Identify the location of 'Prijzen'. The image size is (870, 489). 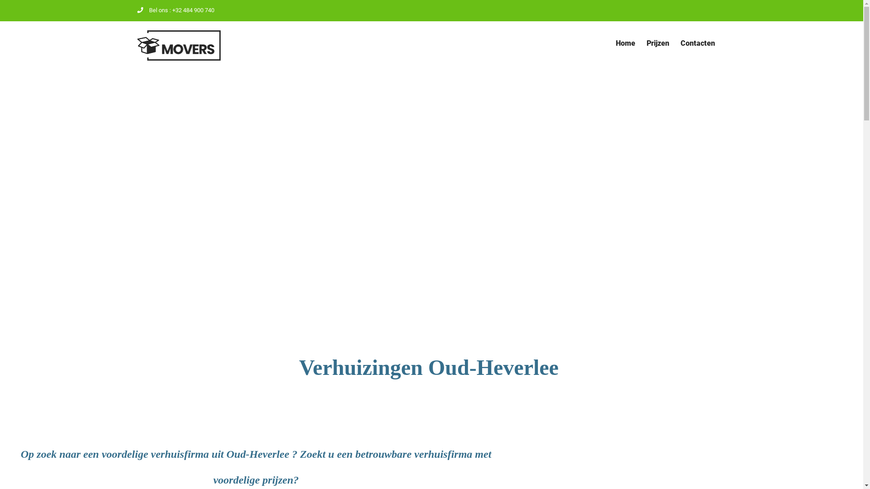
(657, 43).